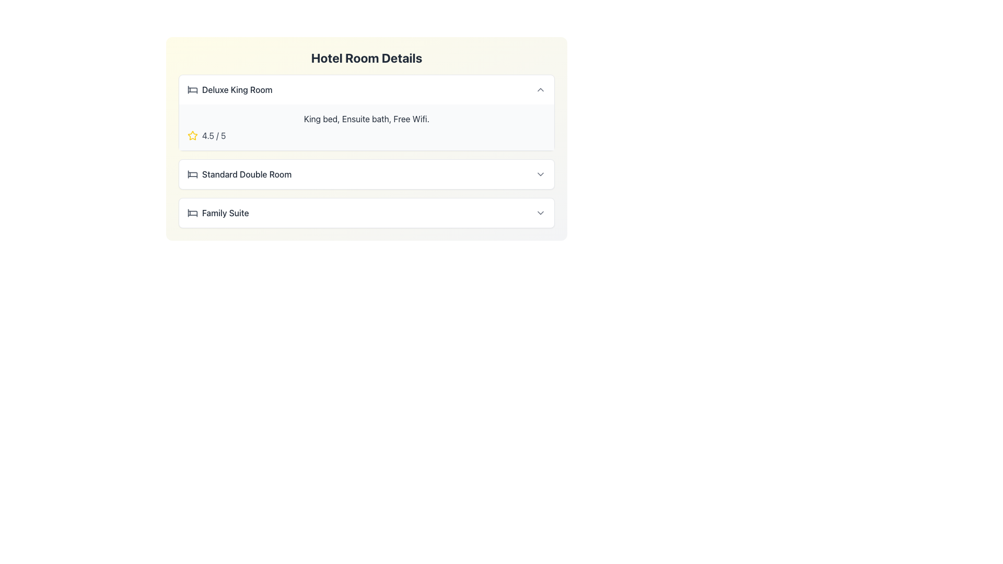 The height and width of the screenshot is (564, 1003). What do you see at coordinates (193, 135) in the screenshot?
I see `the yellow star-shaped icon in the 'Deluxe King Room' section, which is adjacent to the text '4.5 / 5'` at bounding box center [193, 135].